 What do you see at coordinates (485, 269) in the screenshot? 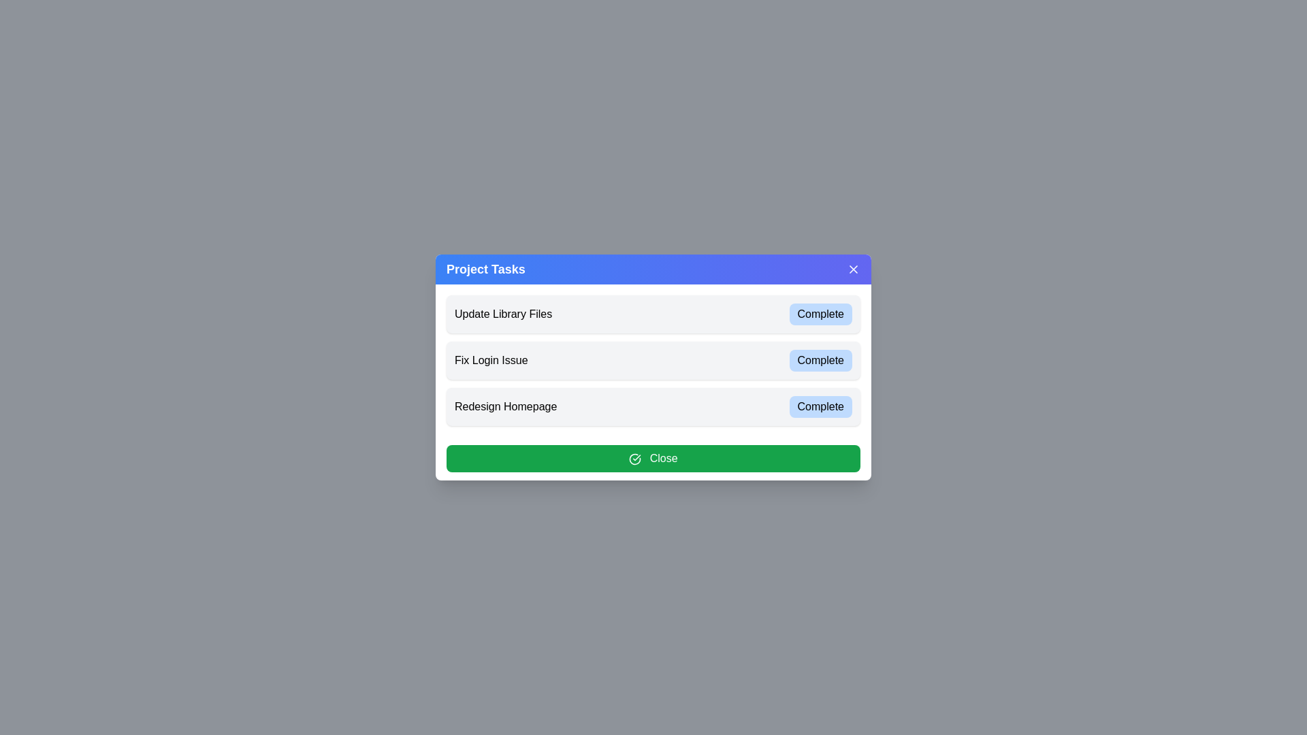
I see `text content of the heading label indicating the purpose or category of the project-related tasks, which is aligned to the left center within the top bar of the card component` at bounding box center [485, 269].